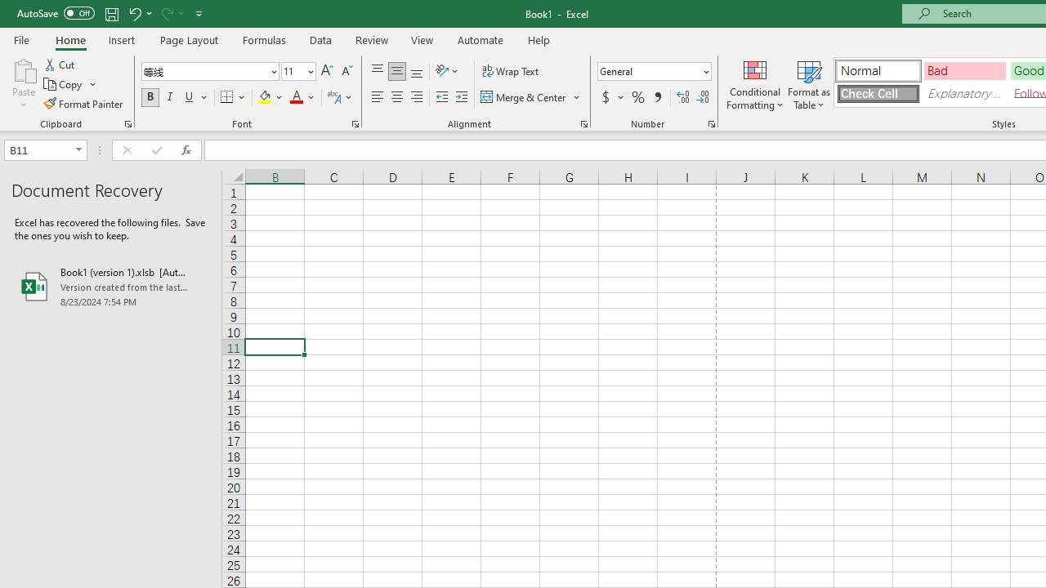  What do you see at coordinates (524, 97) in the screenshot?
I see `'Merge & Center'` at bounding box center [524, 97].